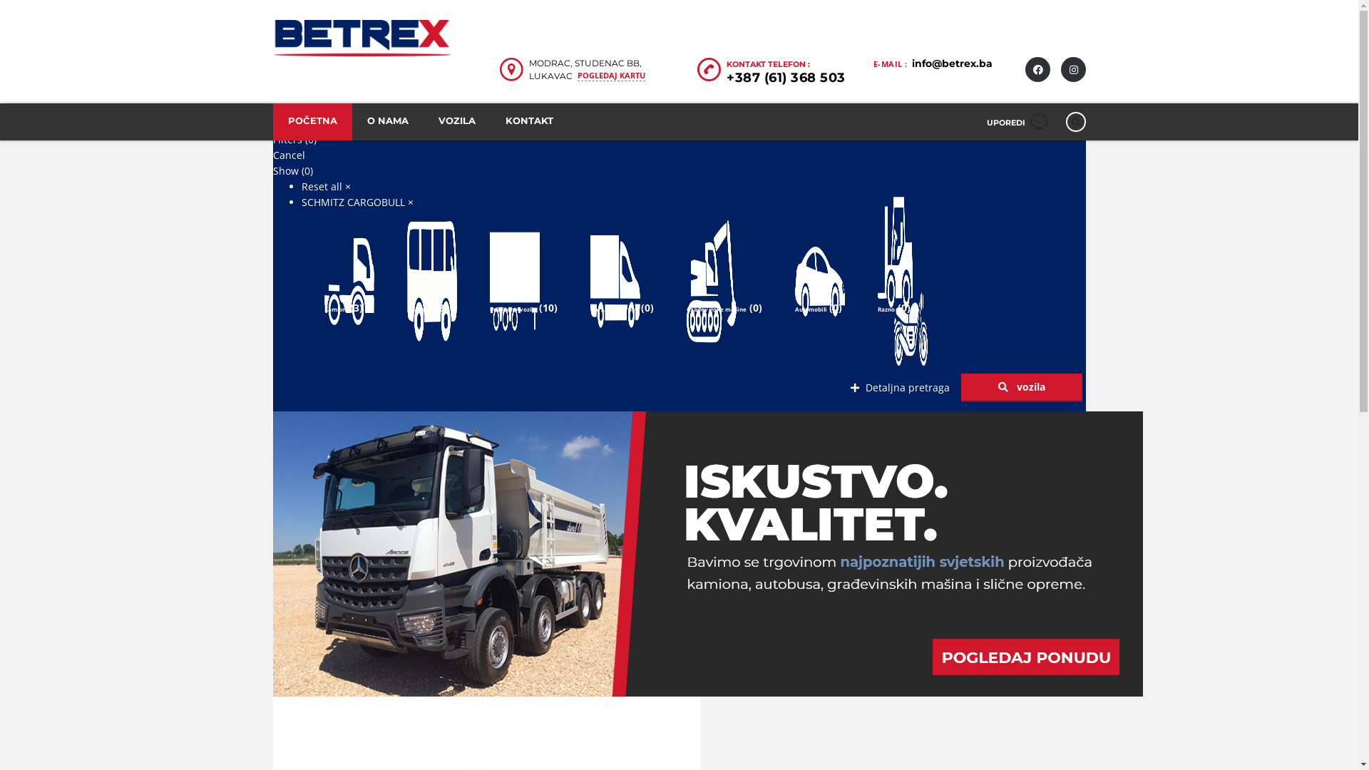  Describe the element at coordinates (272, 139) in the screenshot. I see `'Filters (0)'` at that location.